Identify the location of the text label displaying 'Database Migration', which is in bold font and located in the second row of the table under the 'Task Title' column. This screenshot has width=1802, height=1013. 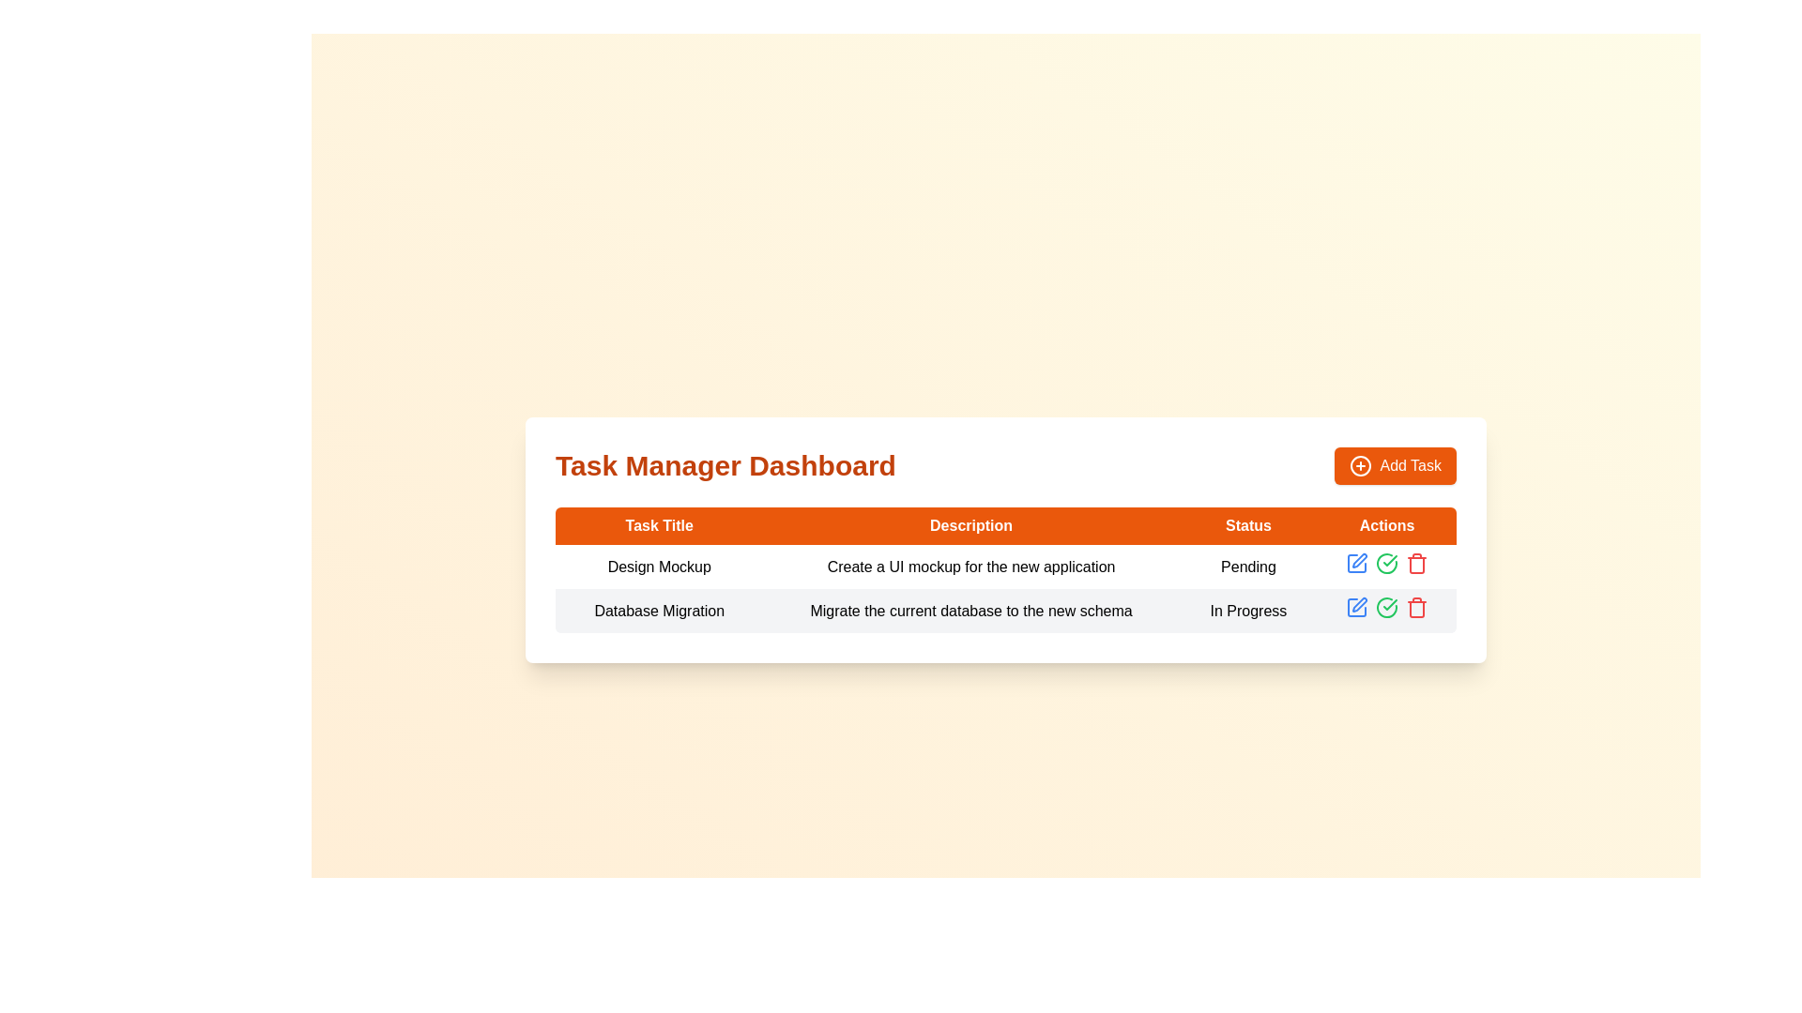
(659, 611).